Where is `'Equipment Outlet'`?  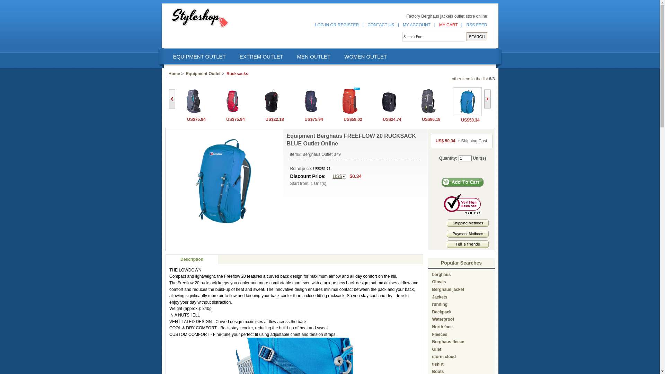 'Equipment Outlet' is located at coordinates (203, 73).